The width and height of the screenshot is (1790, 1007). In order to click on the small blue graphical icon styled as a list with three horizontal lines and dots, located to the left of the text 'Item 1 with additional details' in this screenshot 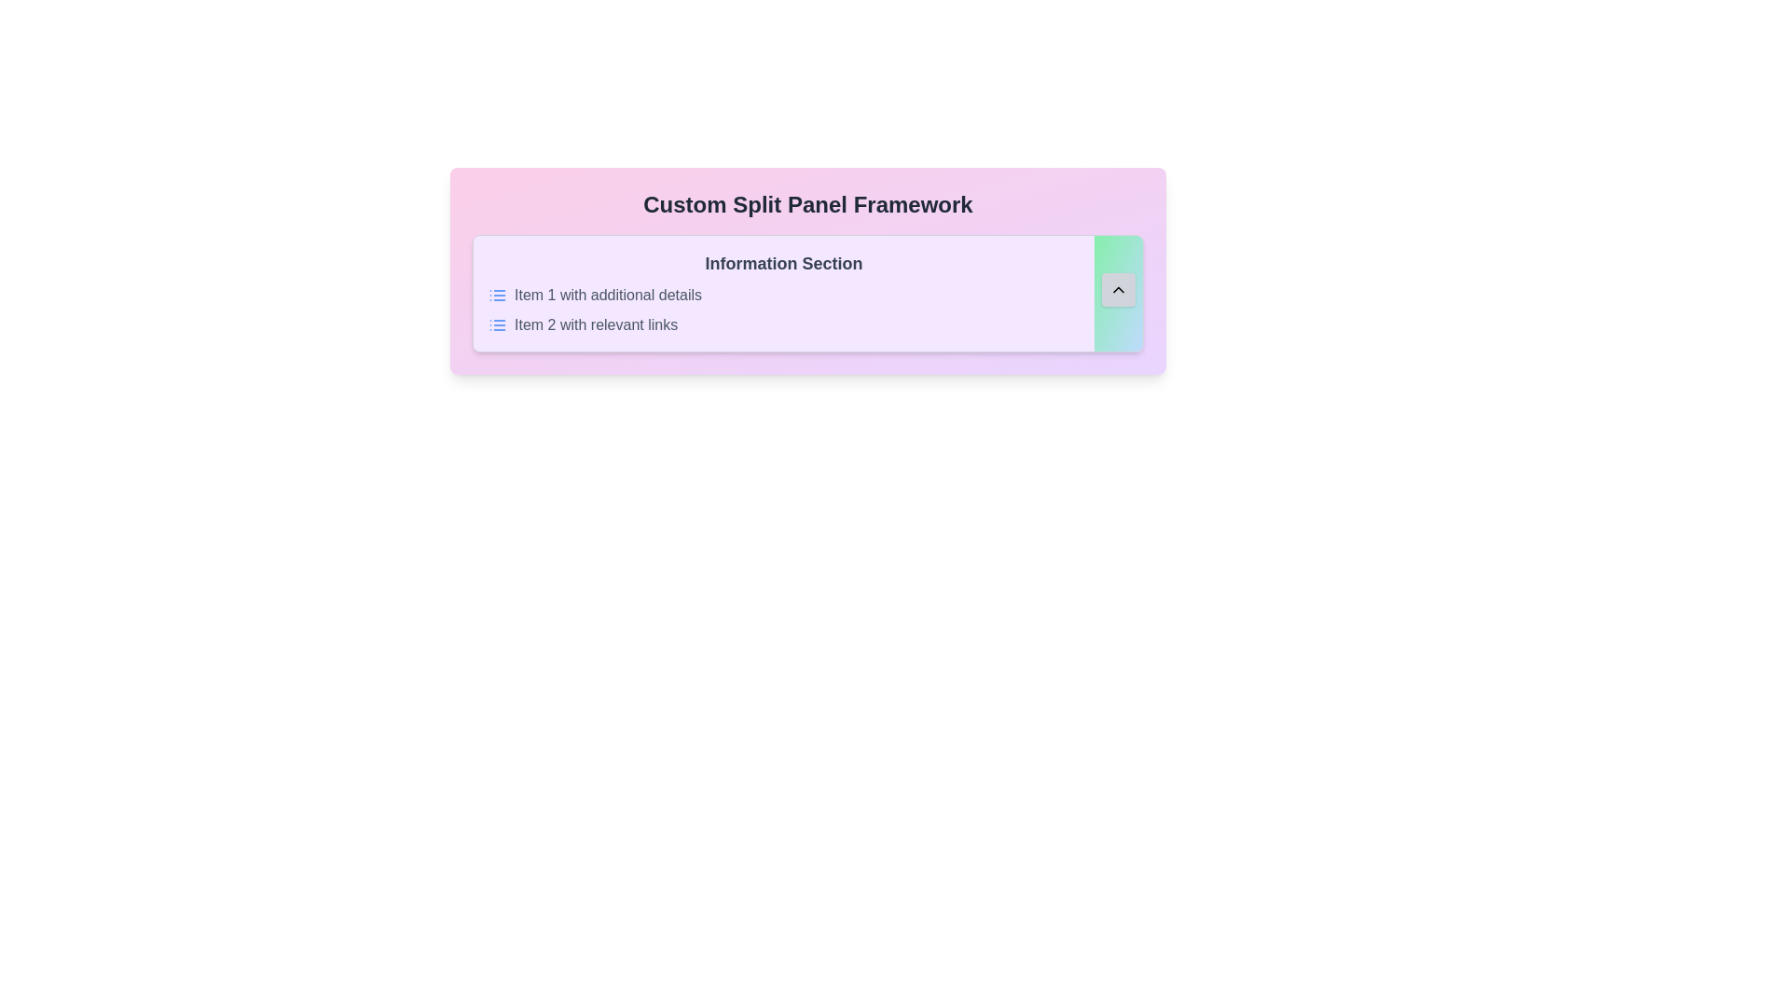, I will do `click(497, 294)`.